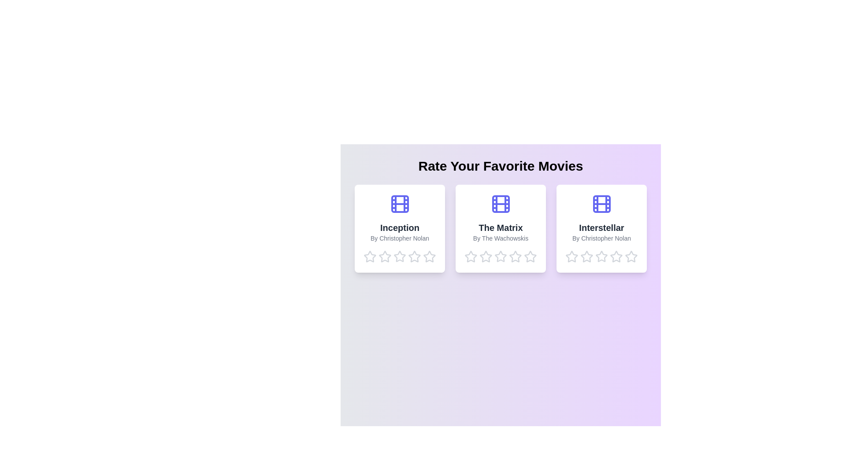 The width and height of the screenshot is (846, 475). What do you see at coordinates (430, 256) in the screenshot?
I see `the star corresponding to 5 stars for the movie Inception` at bounding box center [430, 256].